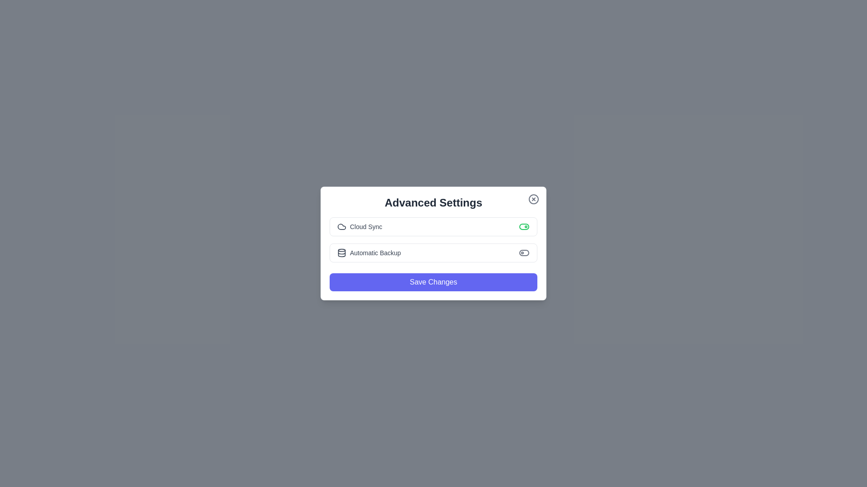 The height and width of the screenshot is (487, 867). What do you see at coordinates (341, 253) in the screenshot?
I see `the 'Automatic Backup' icon located on the left-most side of the second item in the vertical list, which visually represents the backup functionality` at bounding box center [341, 253].